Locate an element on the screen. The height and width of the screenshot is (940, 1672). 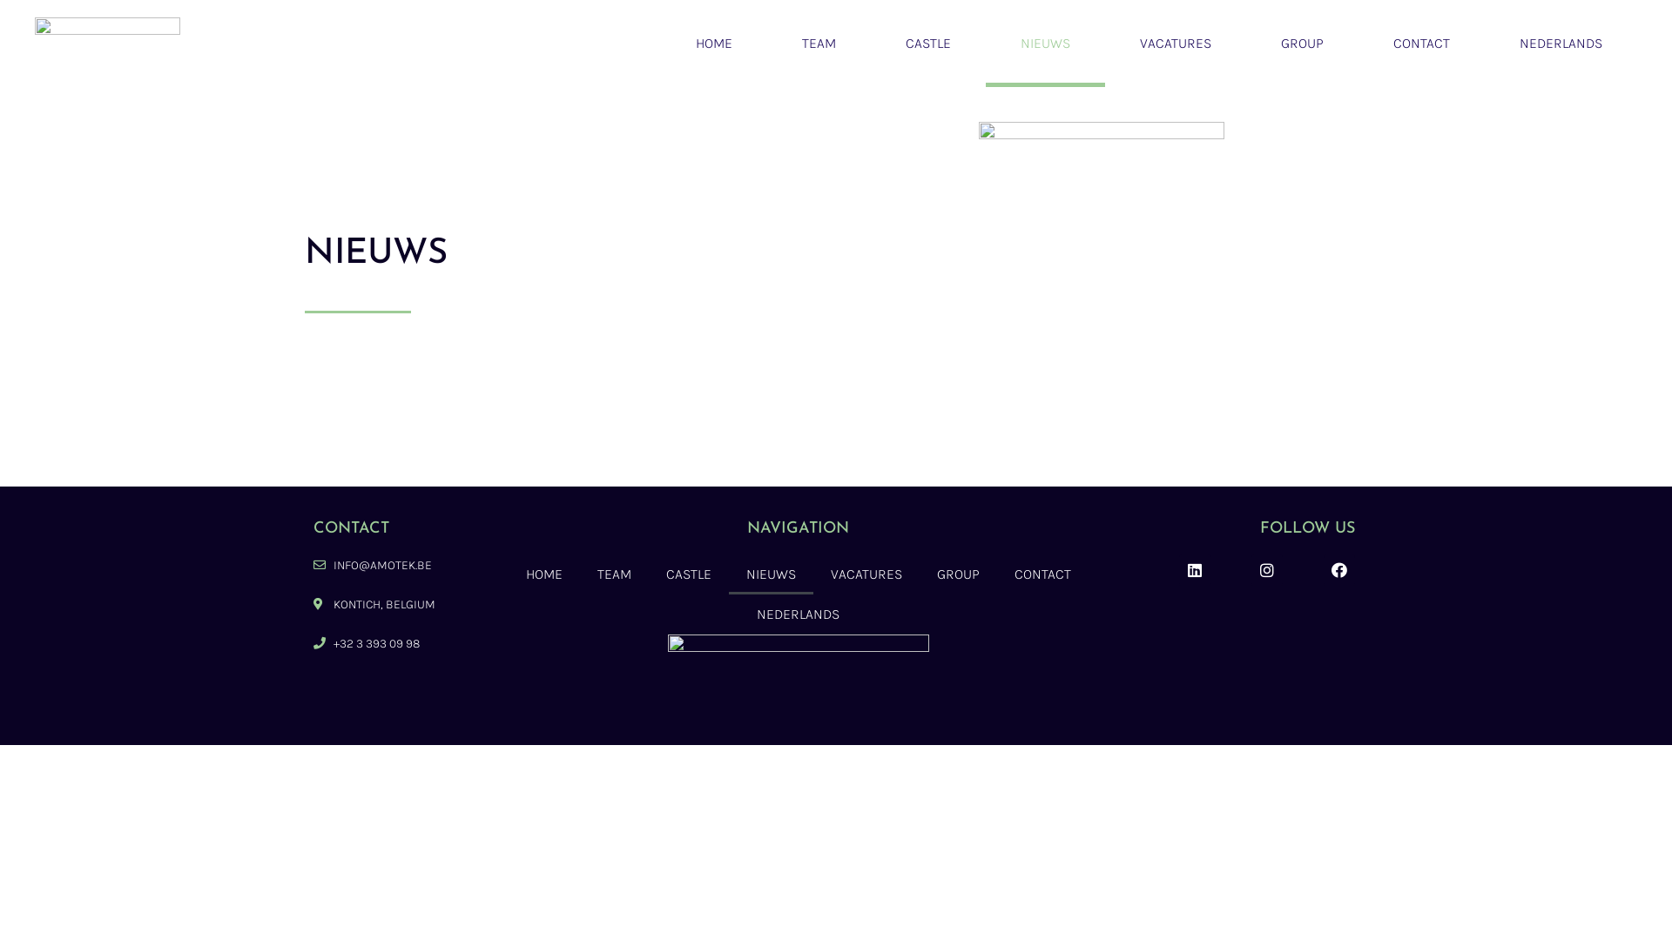
'NIEUWS' is located at coordinates (1045, 43).